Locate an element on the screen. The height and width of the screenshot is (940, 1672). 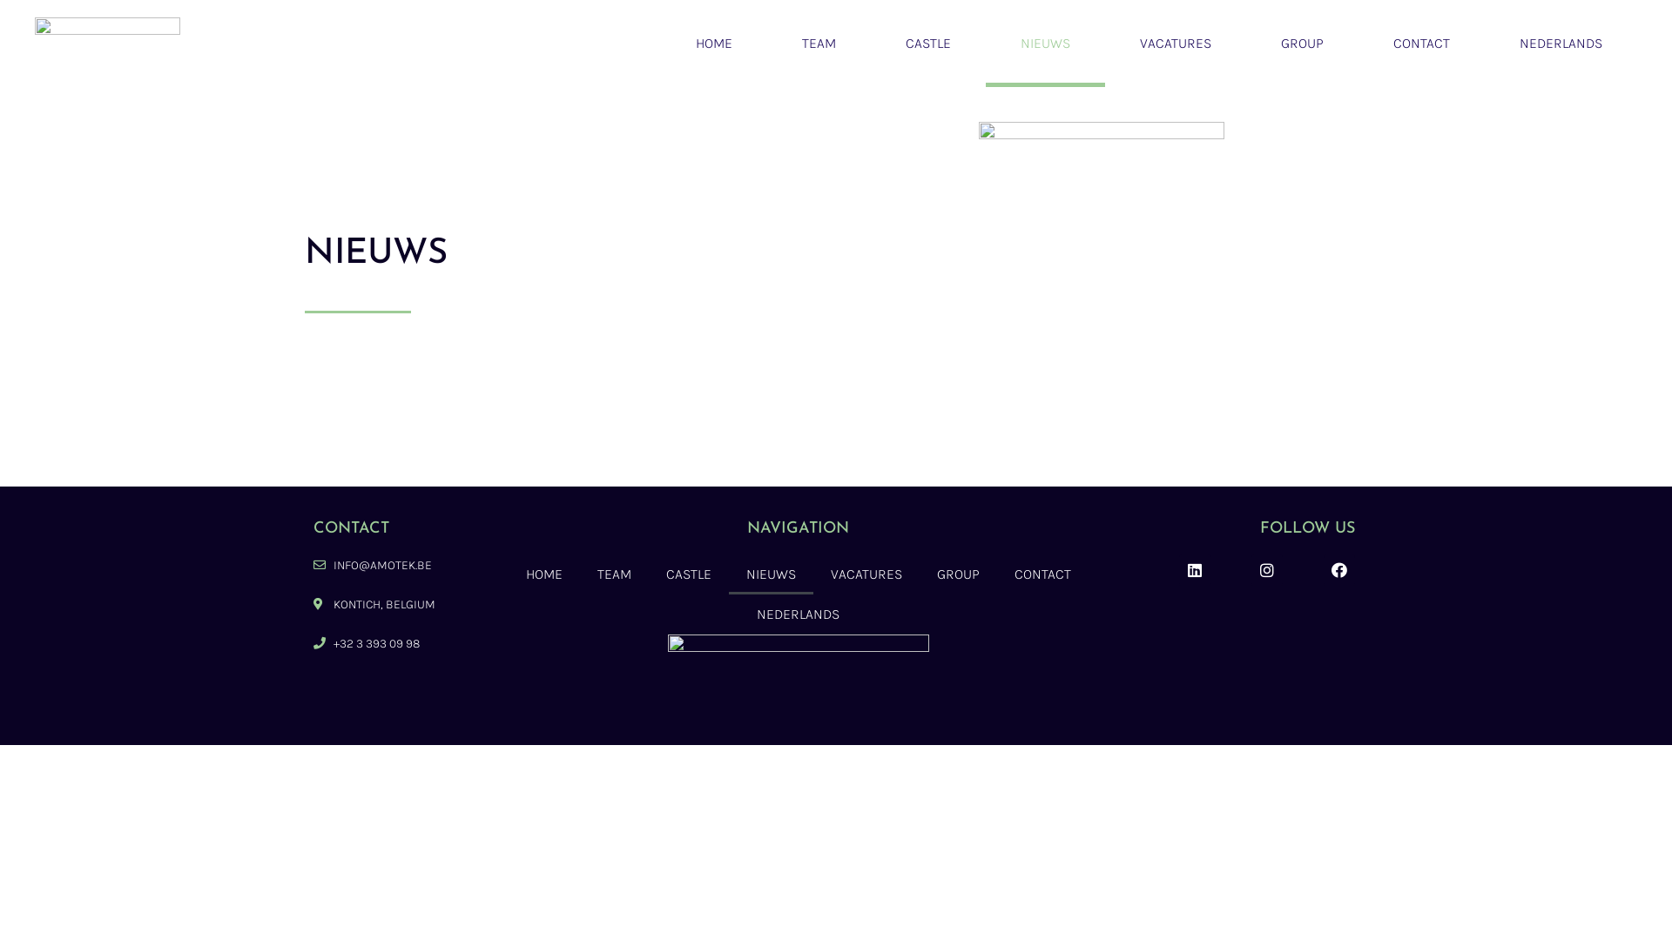
'NIEUWS' is located at coordinates (1045, 43).